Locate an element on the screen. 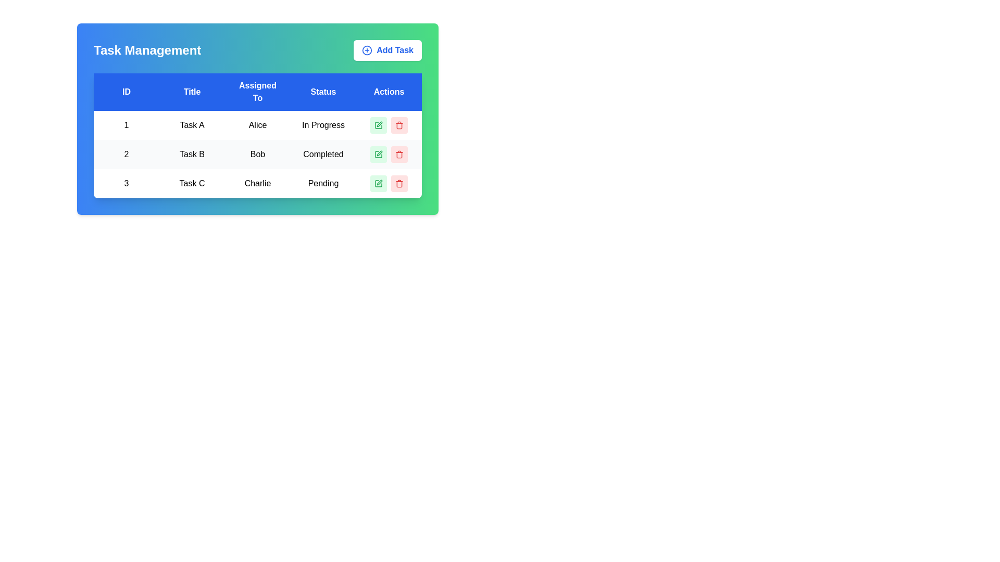 The height and width of the screenshot is (562, 1000). the button with a green background and rounded edges in the 'Actions' column of the third row corresponding to 'Task C' is located at coordinates (378, 183).